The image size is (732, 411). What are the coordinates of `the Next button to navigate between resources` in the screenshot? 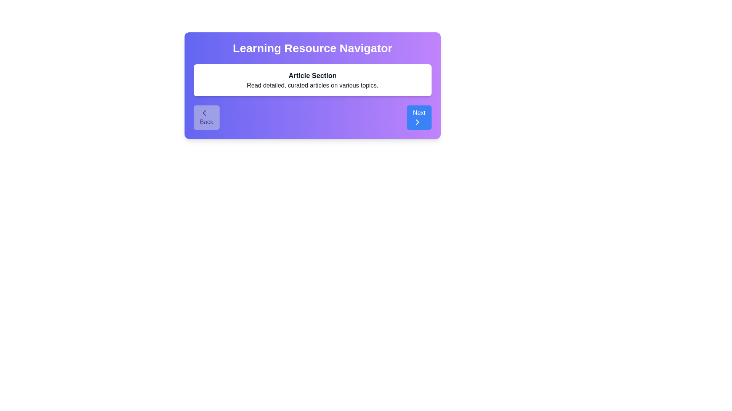 It's located at (419, 117).